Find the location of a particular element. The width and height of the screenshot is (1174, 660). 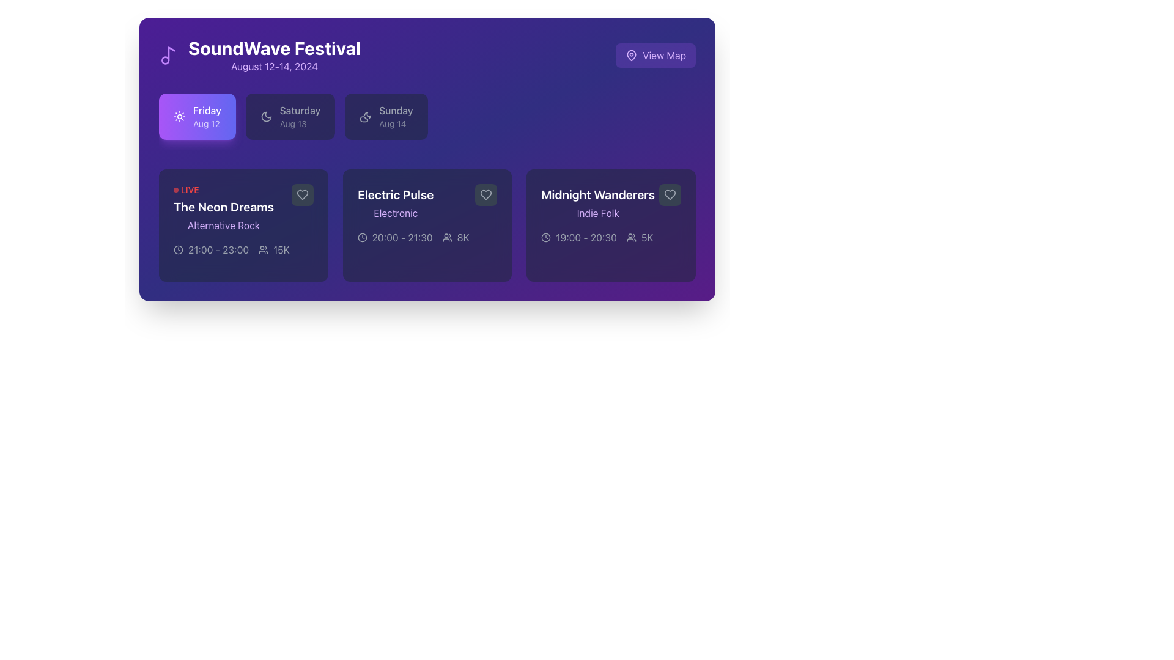

the event name is located at coordinates (224, 207).